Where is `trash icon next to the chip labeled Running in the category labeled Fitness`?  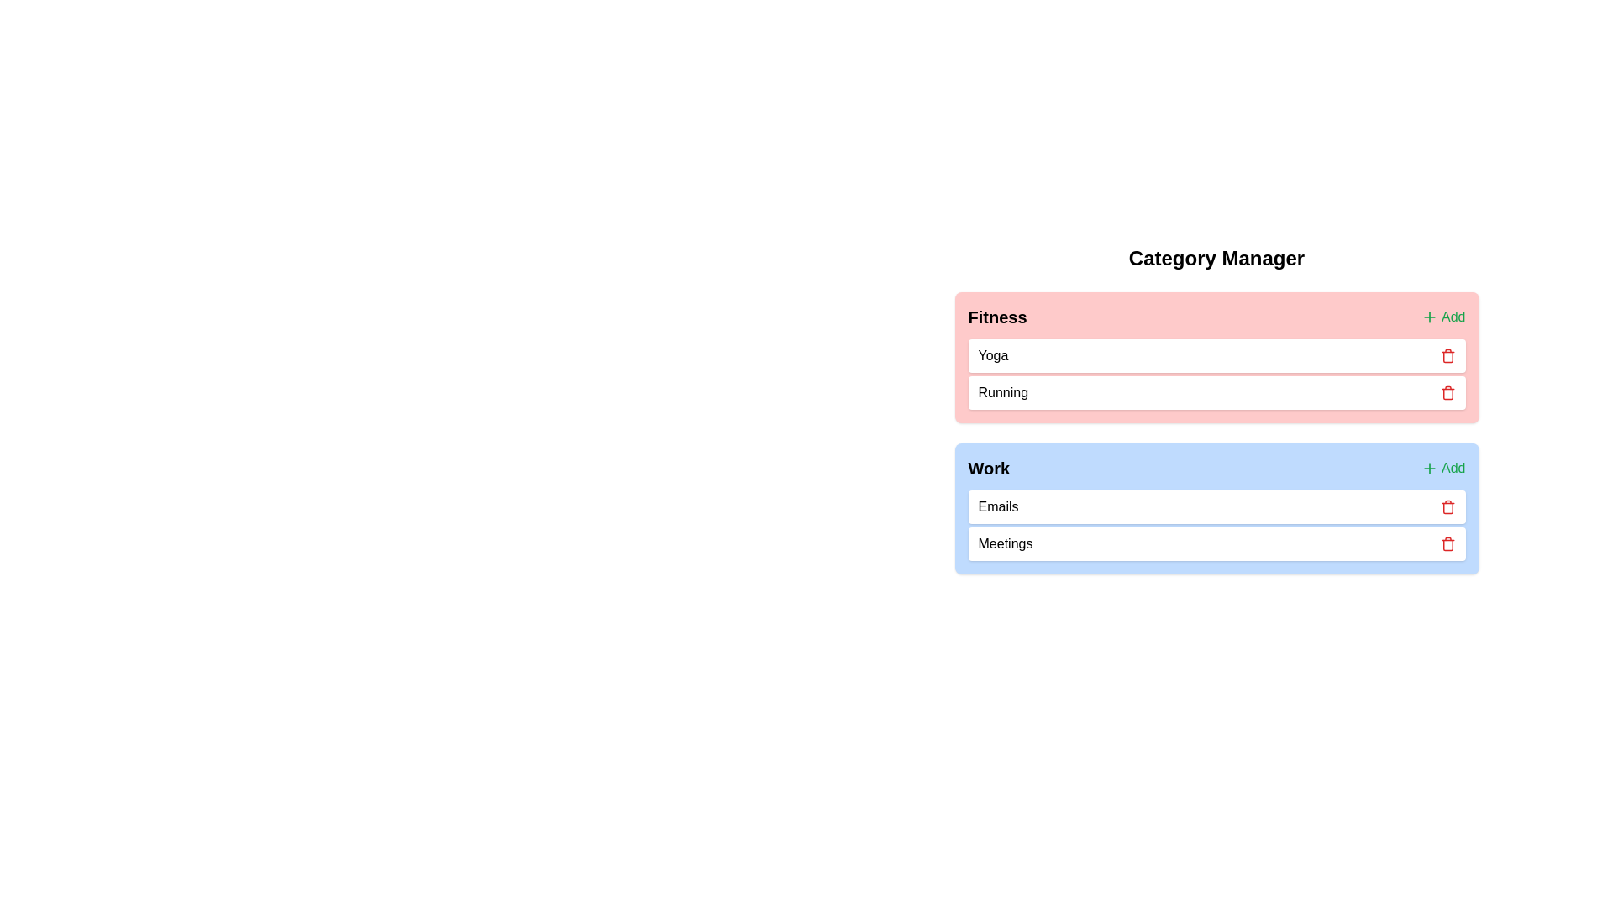
trash icon next to the chip labeled Running in the category labeled Fitness is located at coordinates (1447, 392).